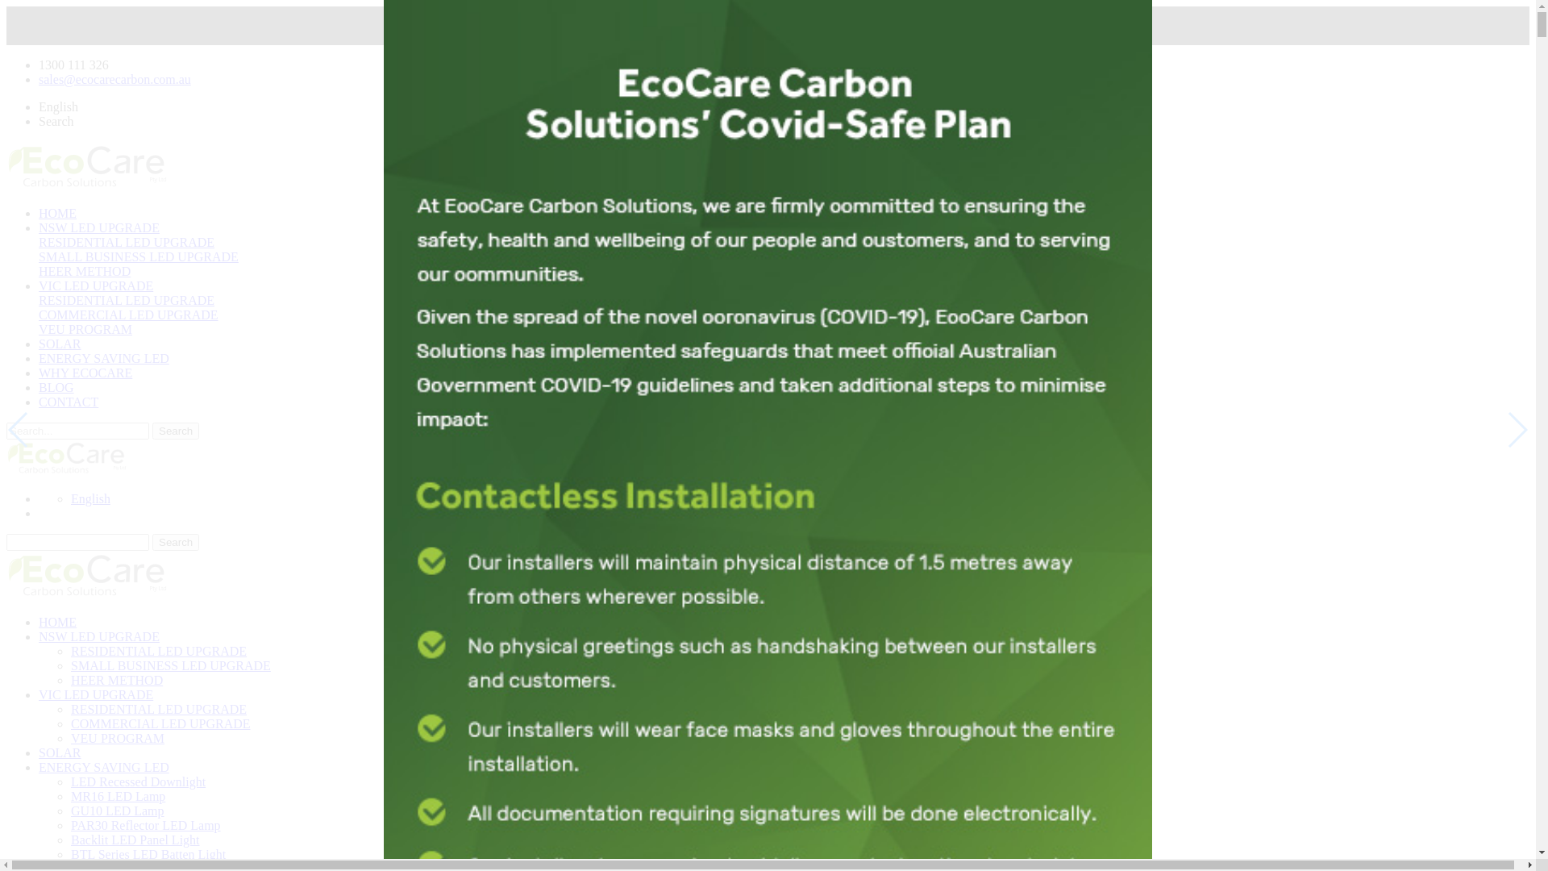  Describe the element at coordinates (116, 738) in the screenshot. I see `'VEU PROGRAM'` at that location.